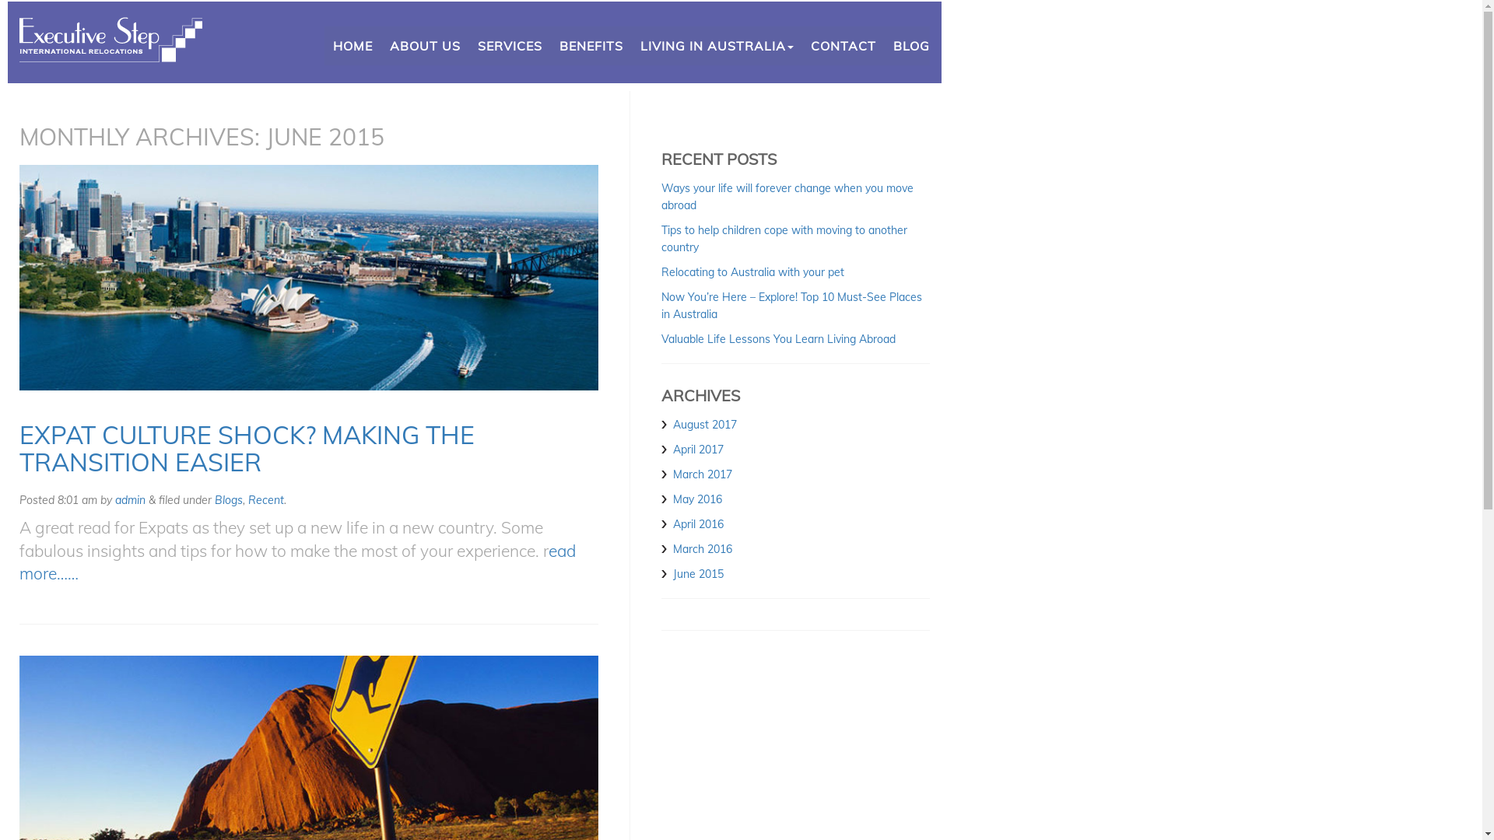 The height and width of the screenshot is (840, 1494). Describe the element at coordinates (324, 44) in the screenshot. I see `'HOME'` at that location.